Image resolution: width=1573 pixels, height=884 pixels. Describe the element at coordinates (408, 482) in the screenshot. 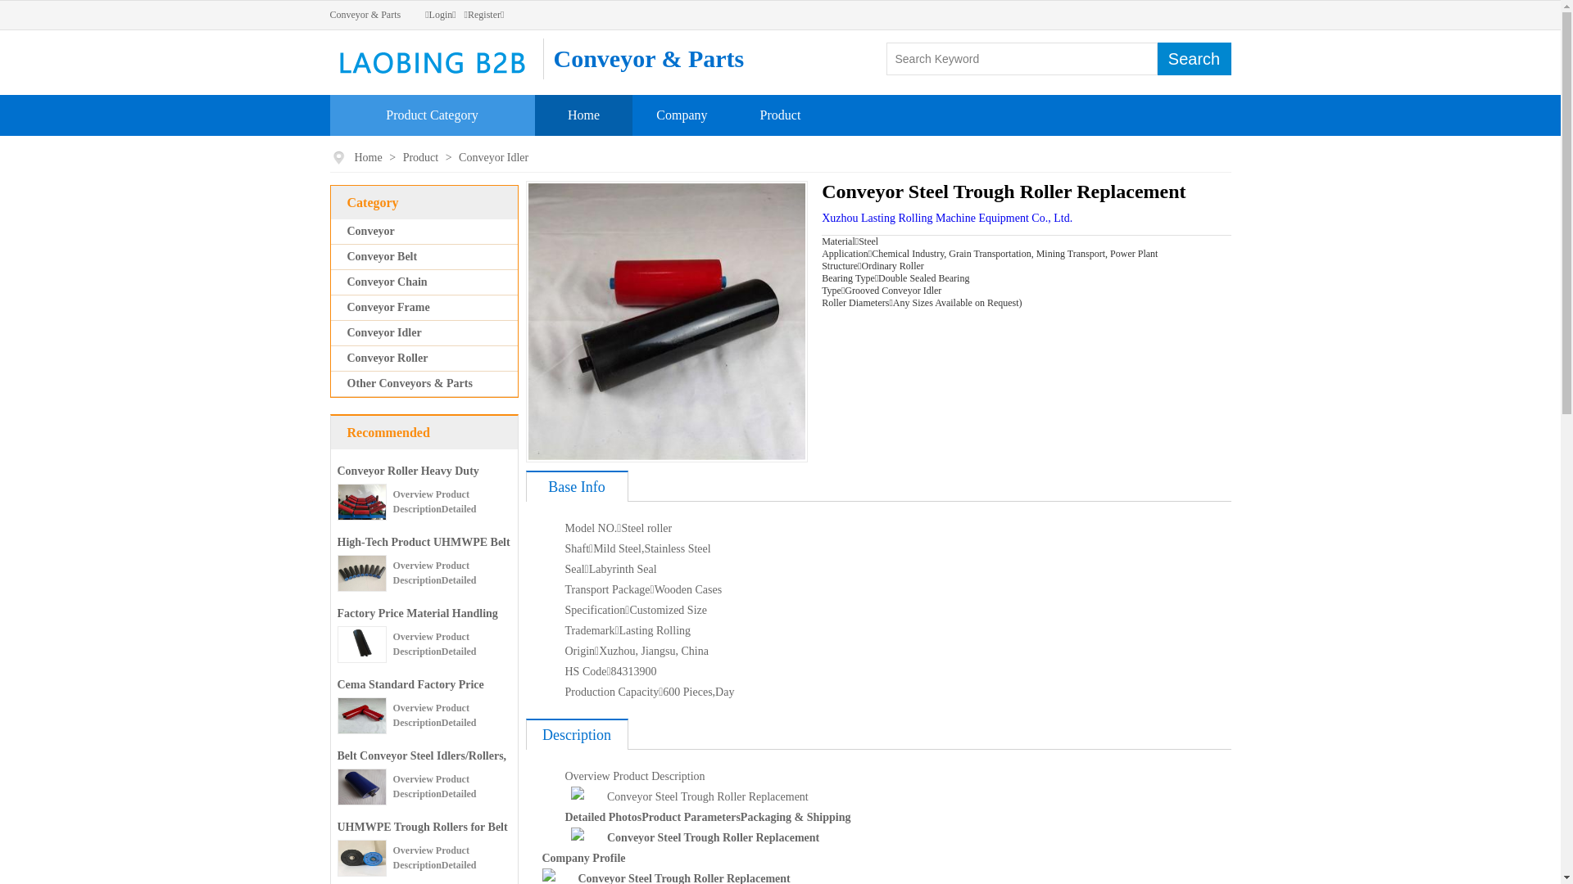

I see `'Conveyor Roller Heavy Duty Roller Bracket Station'` at that location.